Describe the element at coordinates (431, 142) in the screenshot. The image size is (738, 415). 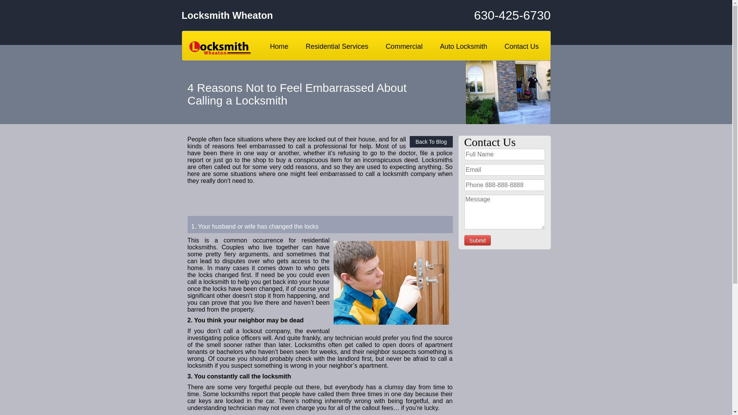
I see `'Back To Blog'` at that location.